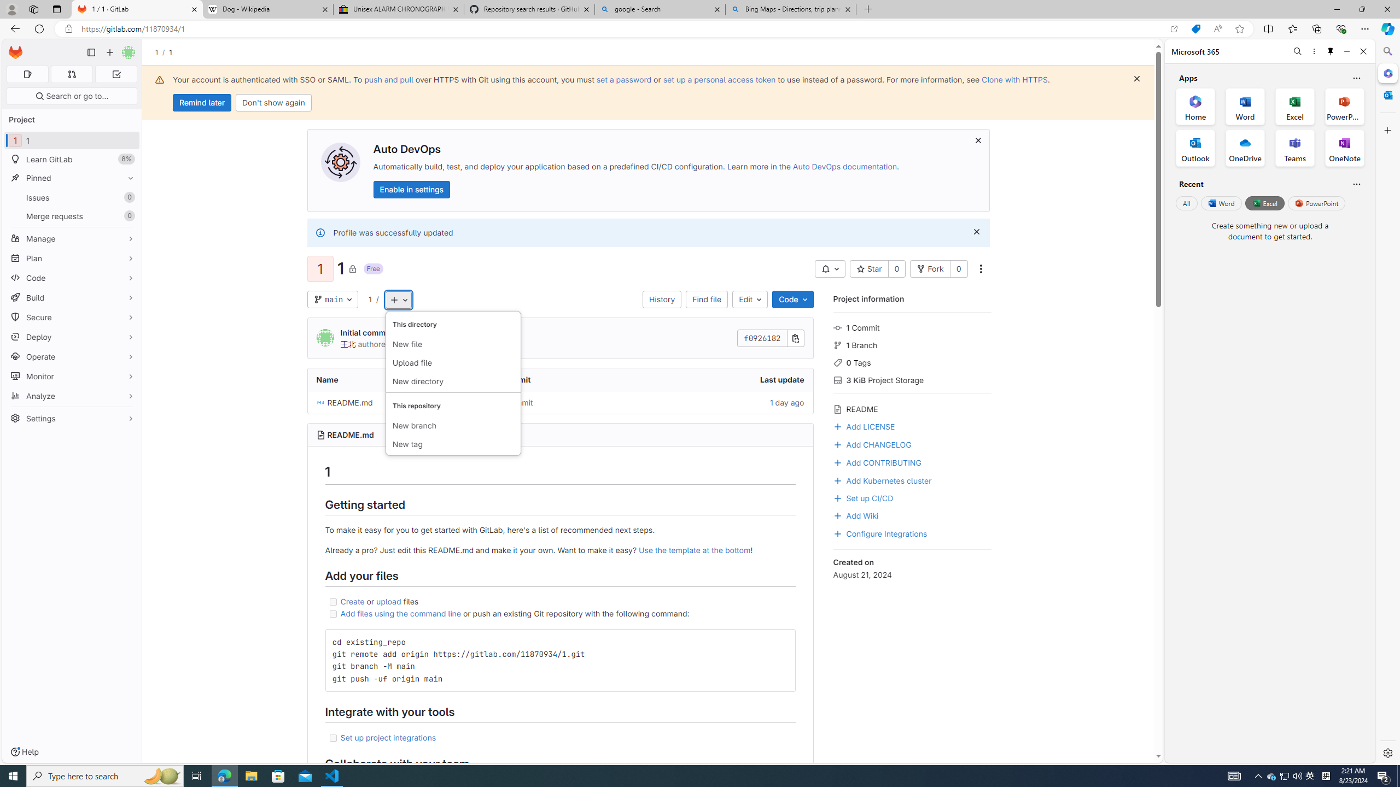  Describe the element at coordinates (71, 159) in the screenshot. I see `'Learn GitLab 8%'` at that location.